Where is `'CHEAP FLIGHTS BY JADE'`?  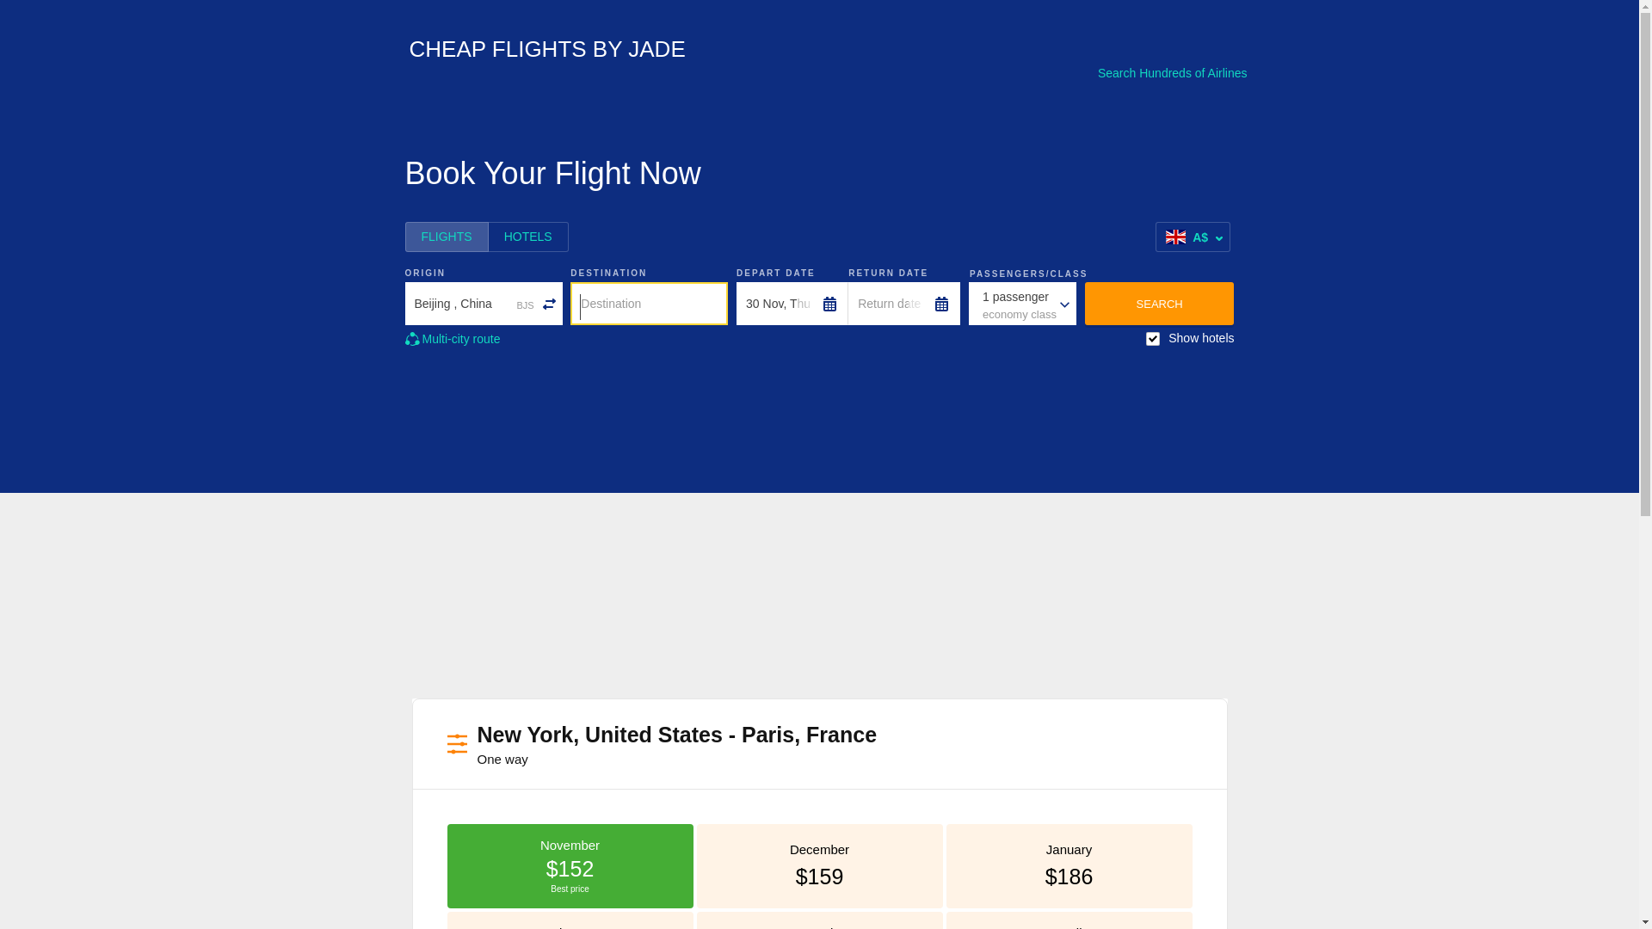 'CHEAP FLIGHTS BY JADE' is located at coordinates (538, 52).